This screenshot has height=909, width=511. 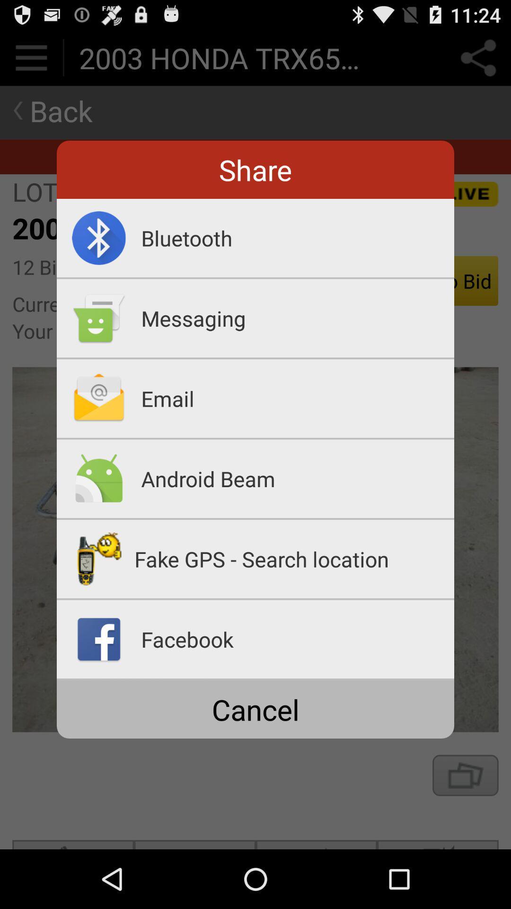 I want to click on the icon above cancel, so click(x=255, y=679).